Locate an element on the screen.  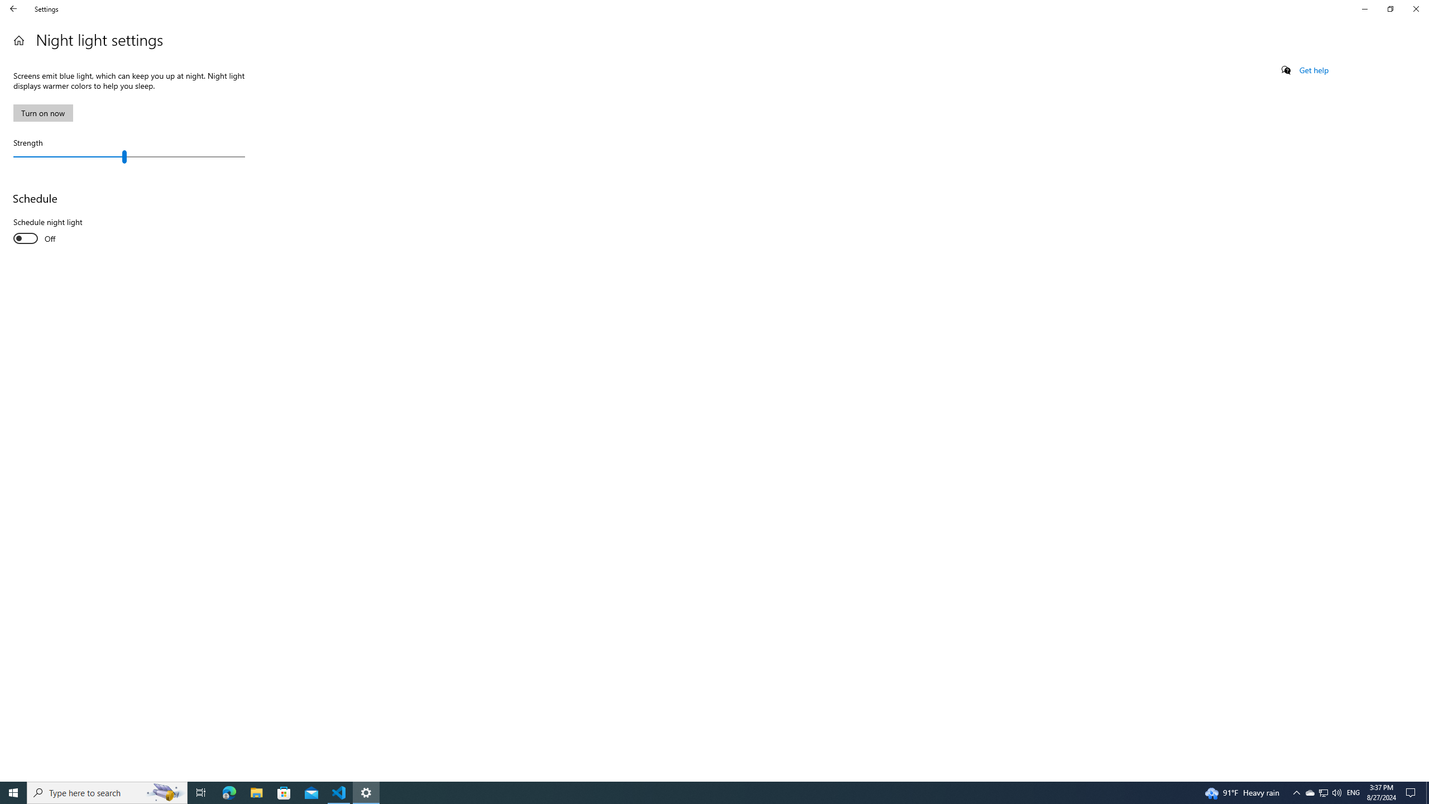
'Settings - 1 running window' is located at coordinates (366, 792).